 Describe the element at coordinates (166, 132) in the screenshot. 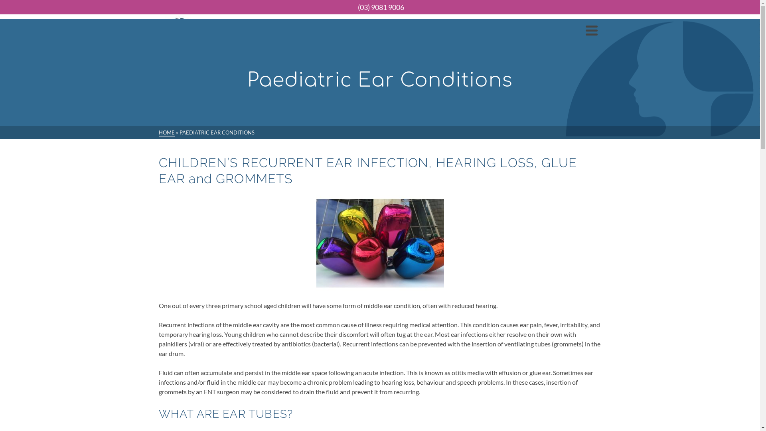

I see `'HOME'` at that location.